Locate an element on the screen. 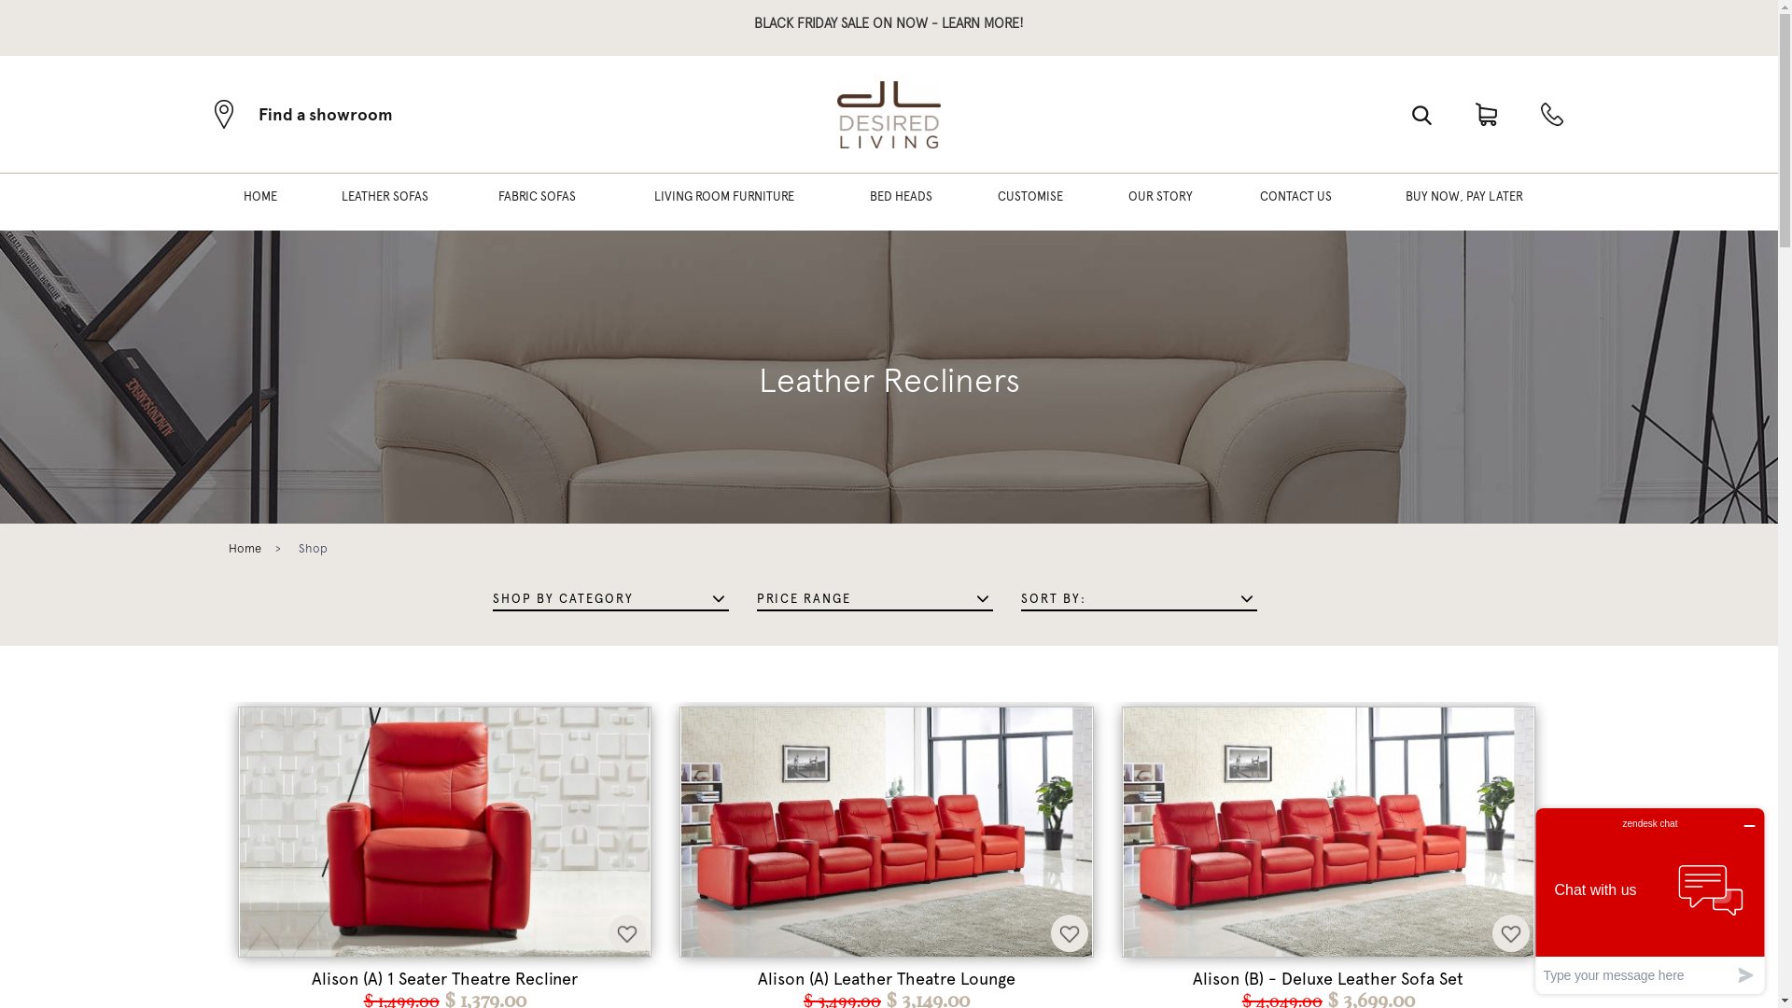  'BED HEADS' is located at coordinates (901, 202).